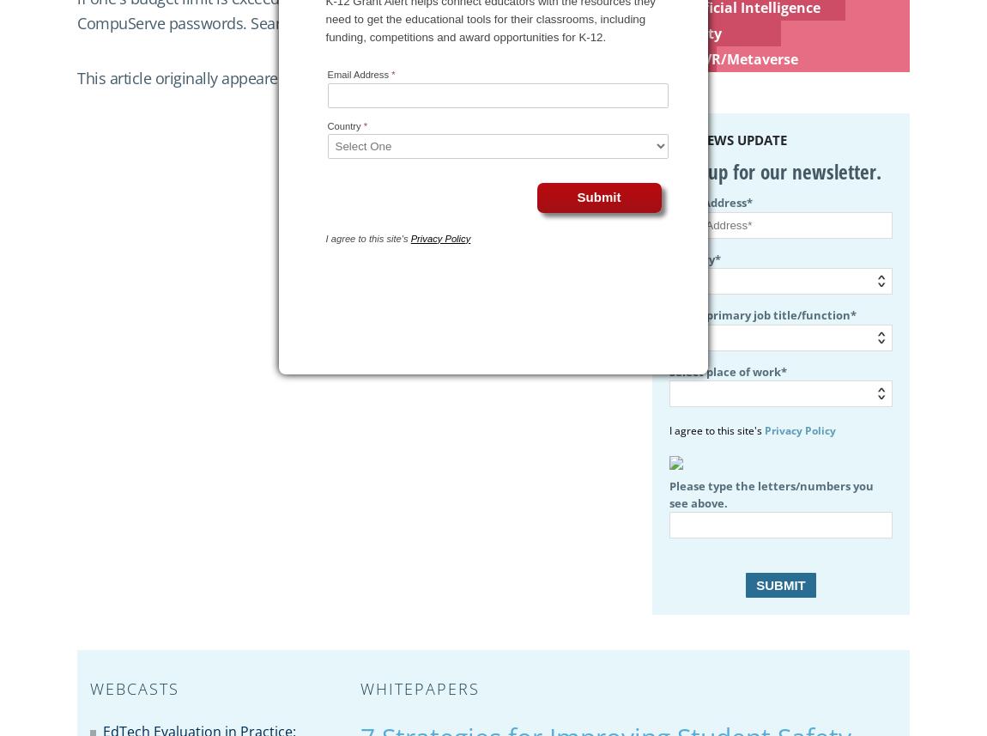  What do you see at coordinates (727, 370) in the screenshot?
I see `'Select place of work*'` at bounding box center [727, 370].